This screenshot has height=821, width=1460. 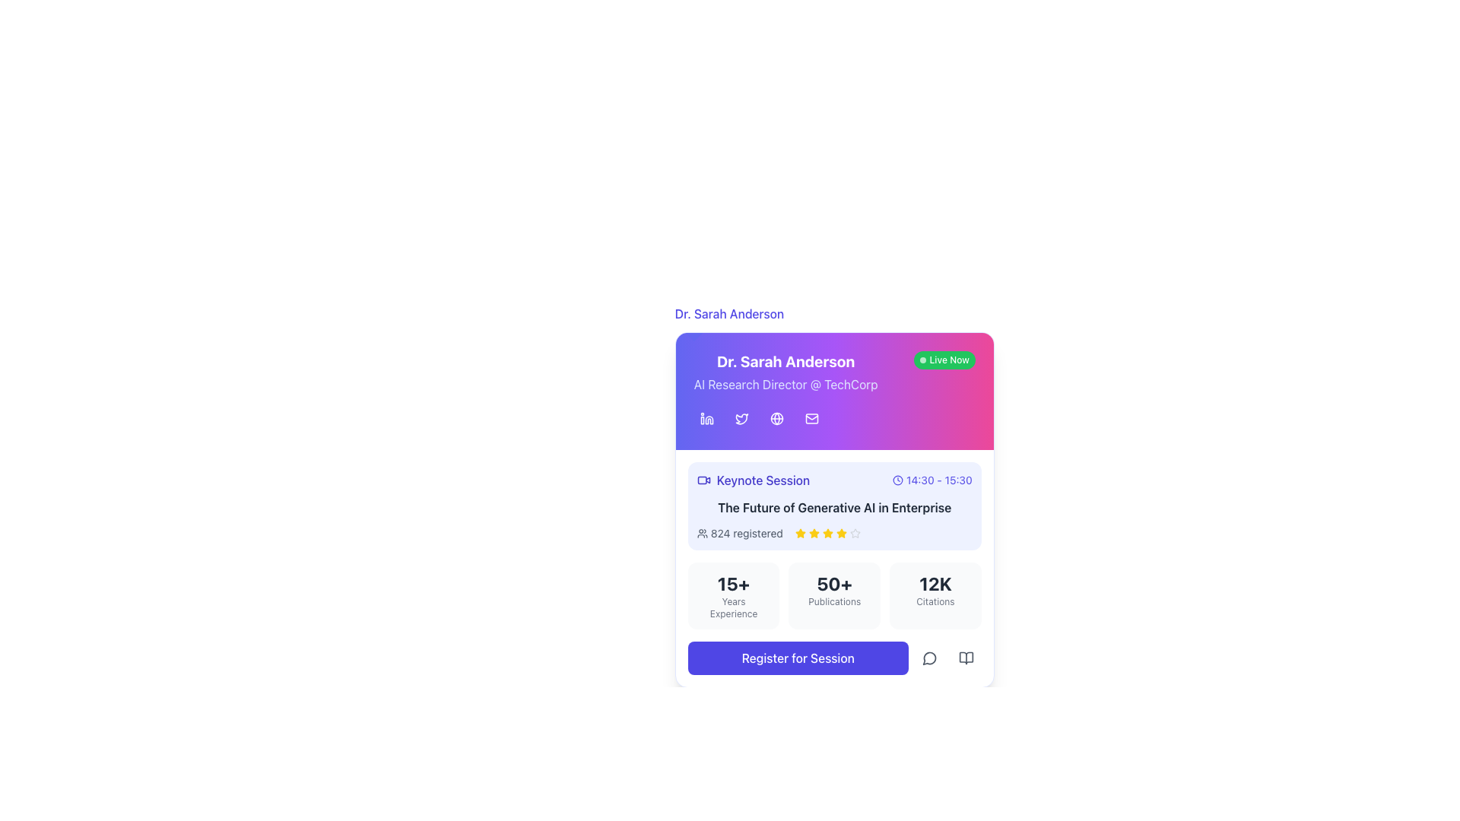 I want to click on information displayed in the informational display block, which shows the publication count of the individual or entity described in the card, located centrally below the session title and statistics, and above the action button, so click(x=833, y=594).